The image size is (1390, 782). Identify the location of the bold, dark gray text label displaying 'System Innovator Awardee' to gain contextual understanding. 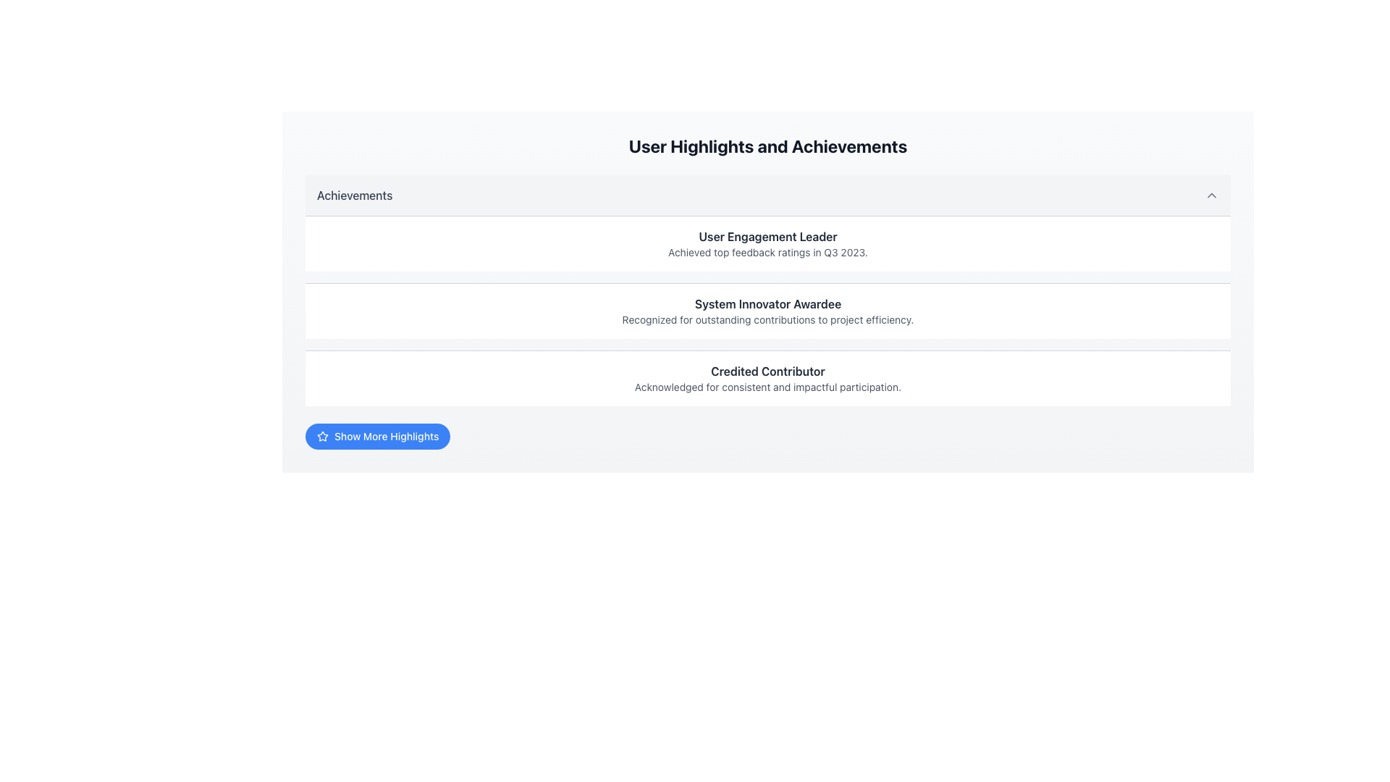
(767, 303).